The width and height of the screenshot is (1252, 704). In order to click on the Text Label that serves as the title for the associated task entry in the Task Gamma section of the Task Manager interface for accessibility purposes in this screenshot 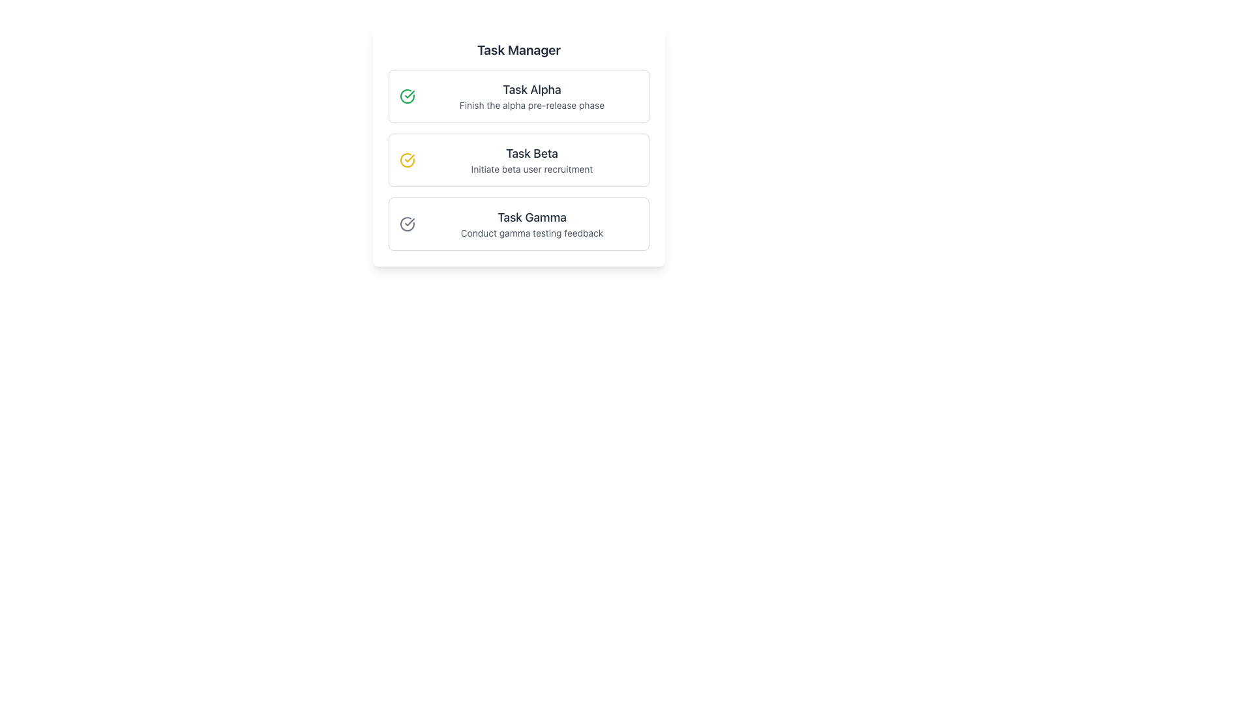, I will do `click(532, 217)`.